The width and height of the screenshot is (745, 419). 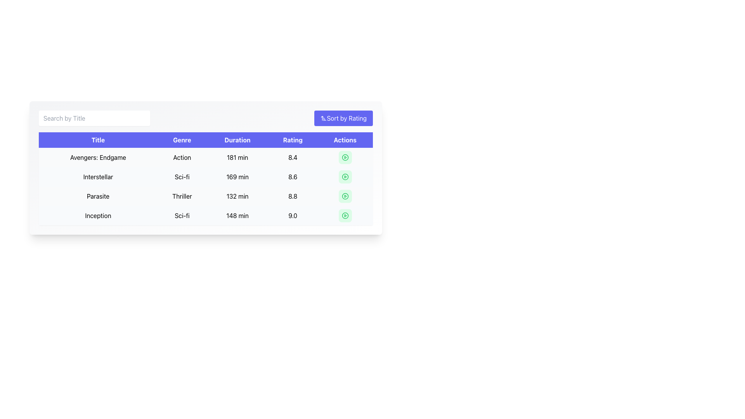 I want to click on the outer part of the SVG icon representing the 'Action' button for the movie 'Interstellar' in the second row of the table, so click(x=345, y=177).